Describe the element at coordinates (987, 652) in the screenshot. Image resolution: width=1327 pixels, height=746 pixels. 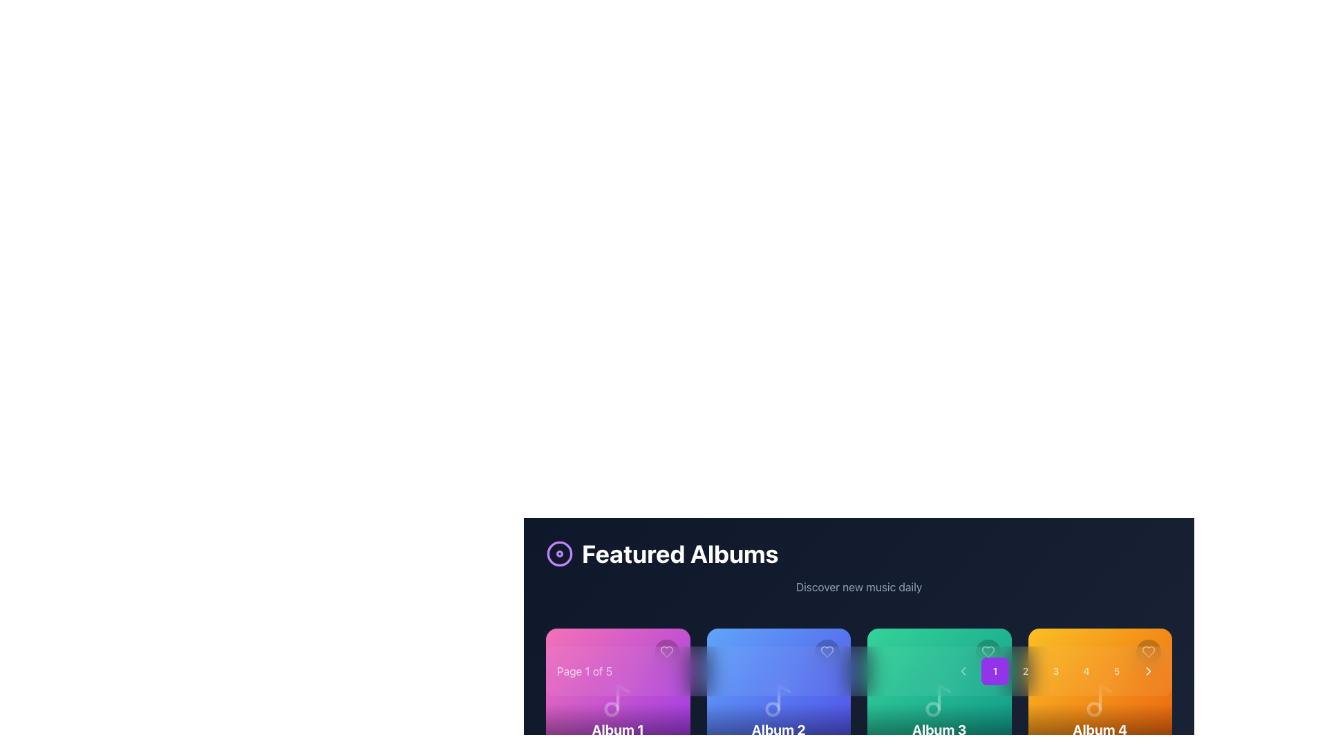
I see `the circular button with a heart-shaped icon located at the top-right corner of the 'Album 3' card` at that location.